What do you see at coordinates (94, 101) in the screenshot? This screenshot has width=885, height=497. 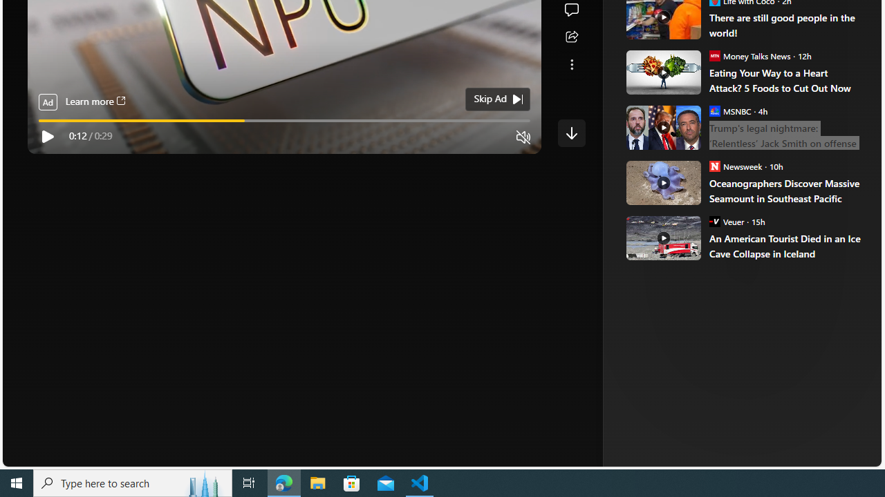 I see `'Learn more'` at bounding box center [94, 101].